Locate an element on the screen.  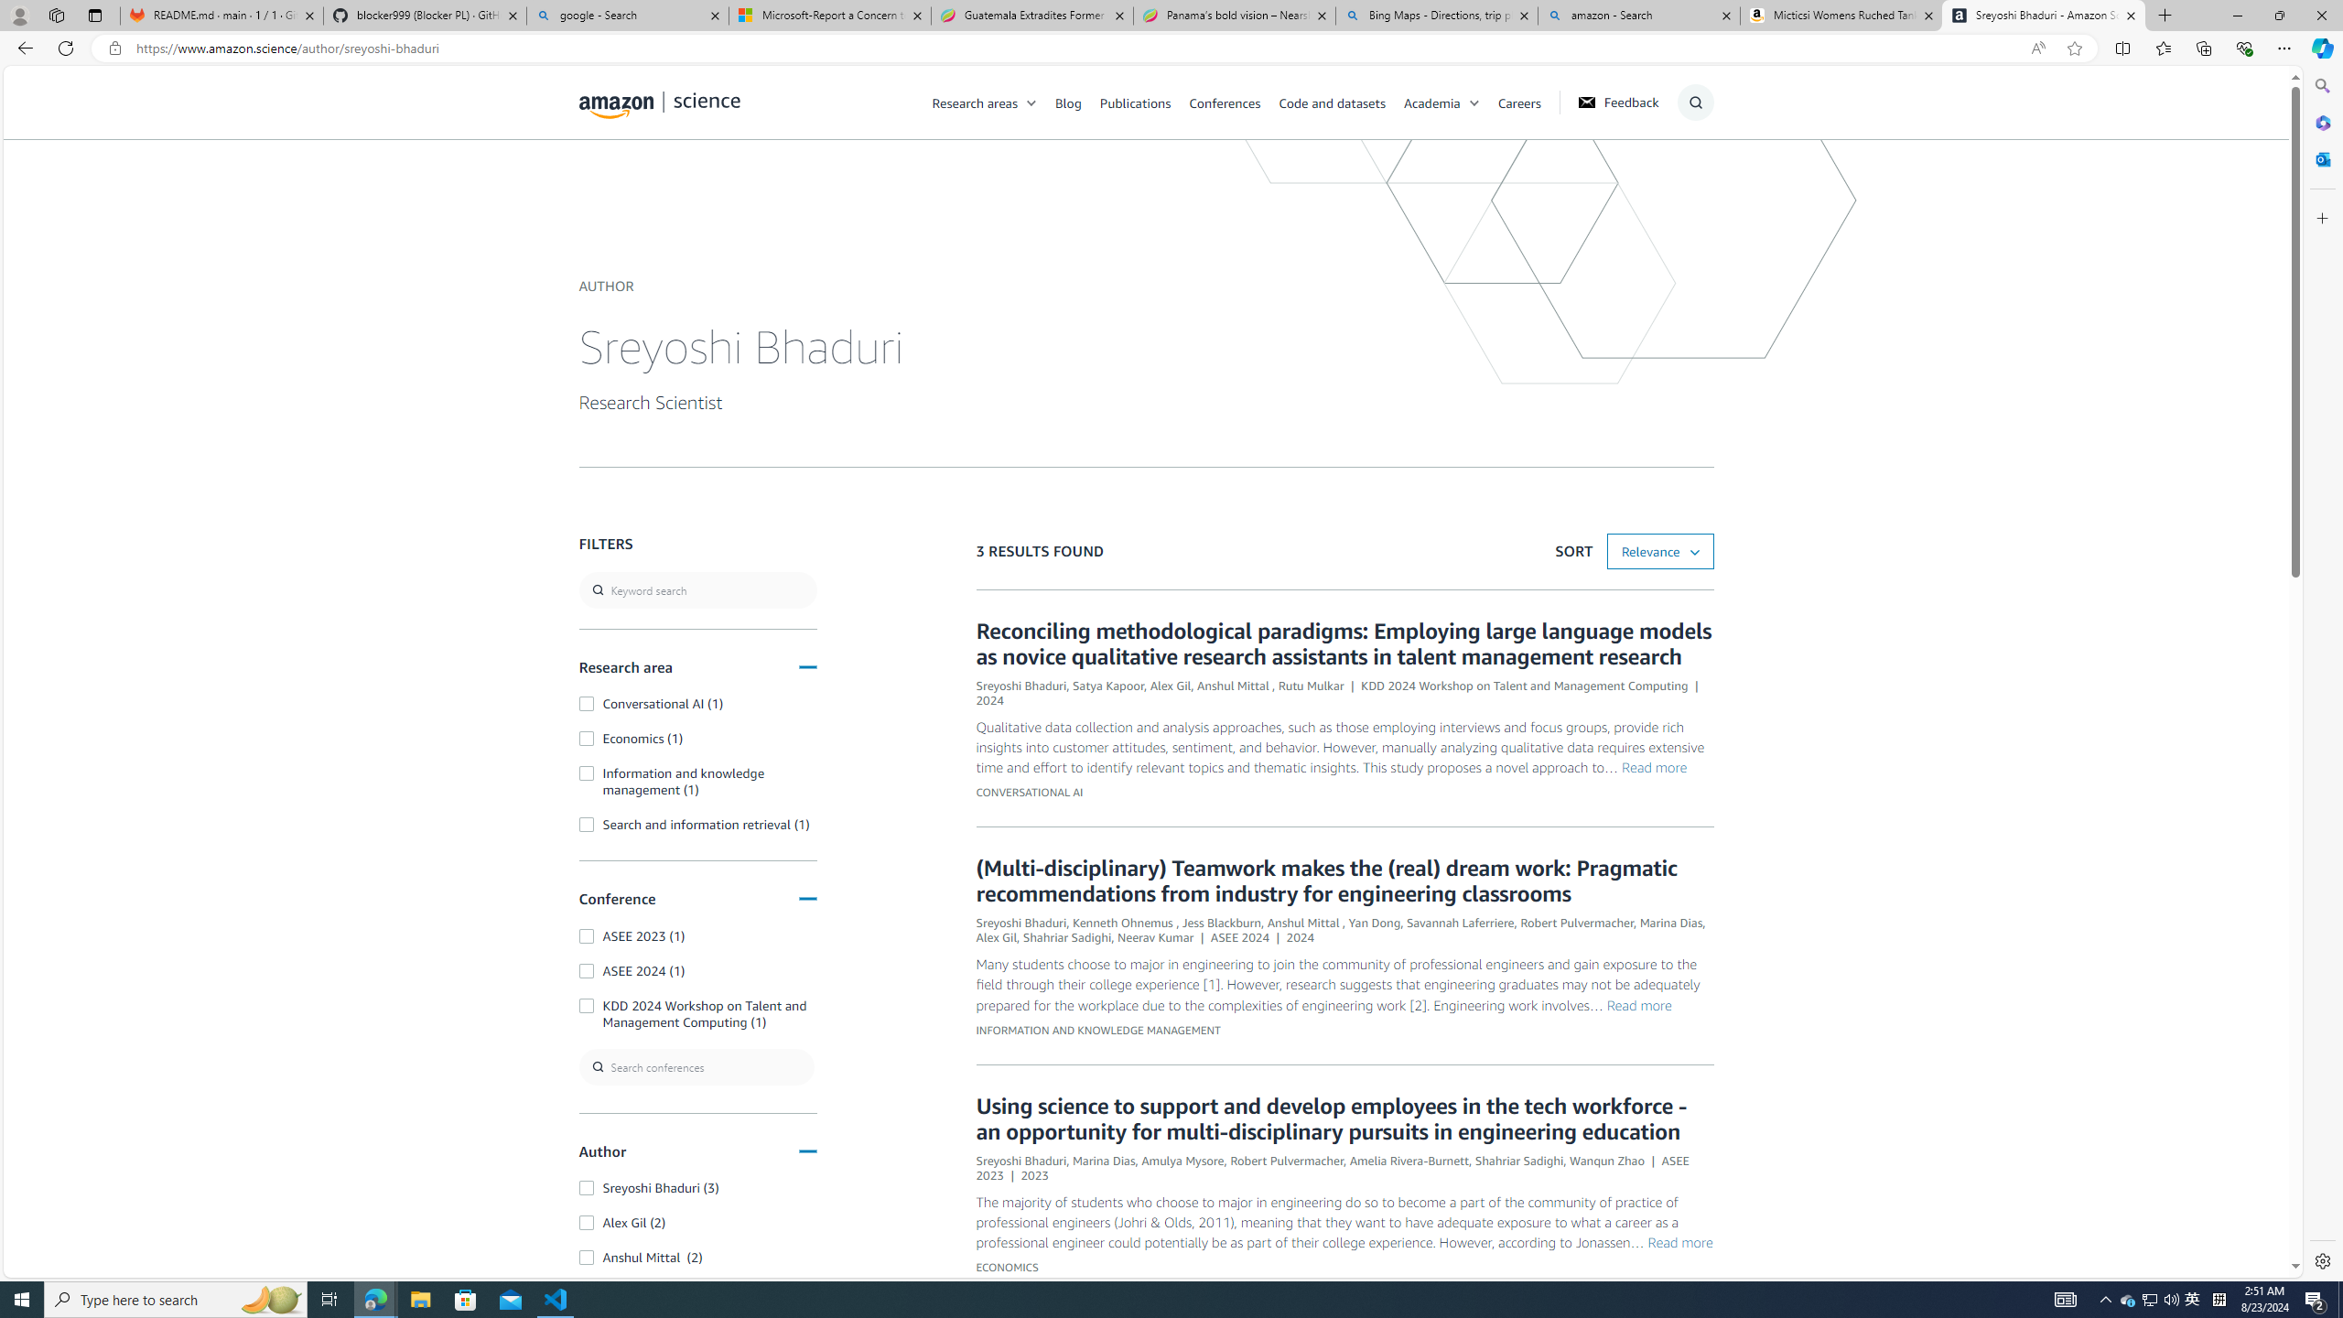
'Shahriar Sadighi' is located at coordinates (1518, 1160).